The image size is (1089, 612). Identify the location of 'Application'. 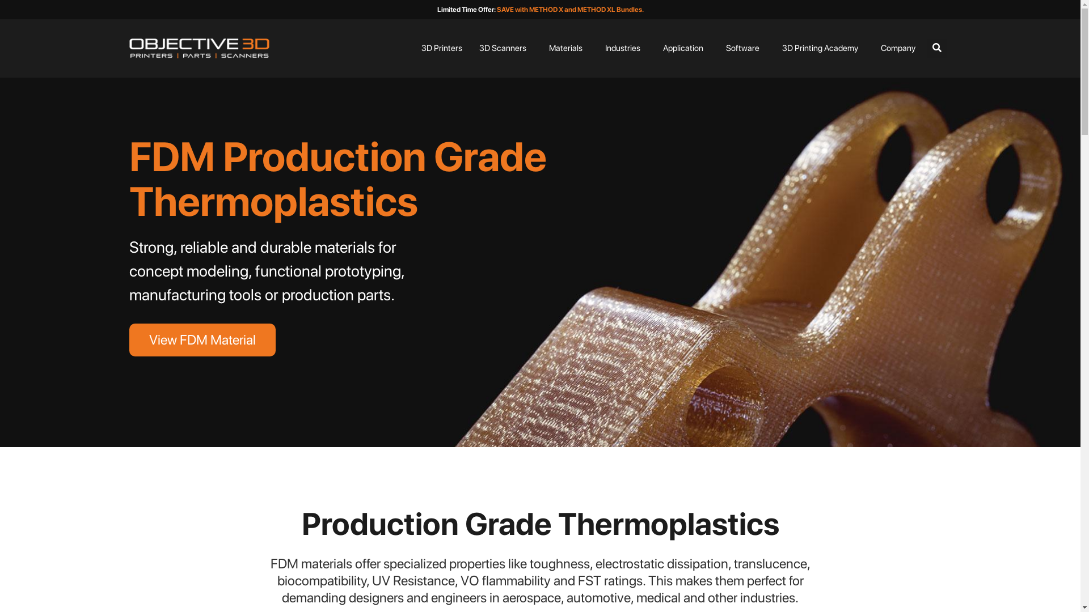
(682, 48).